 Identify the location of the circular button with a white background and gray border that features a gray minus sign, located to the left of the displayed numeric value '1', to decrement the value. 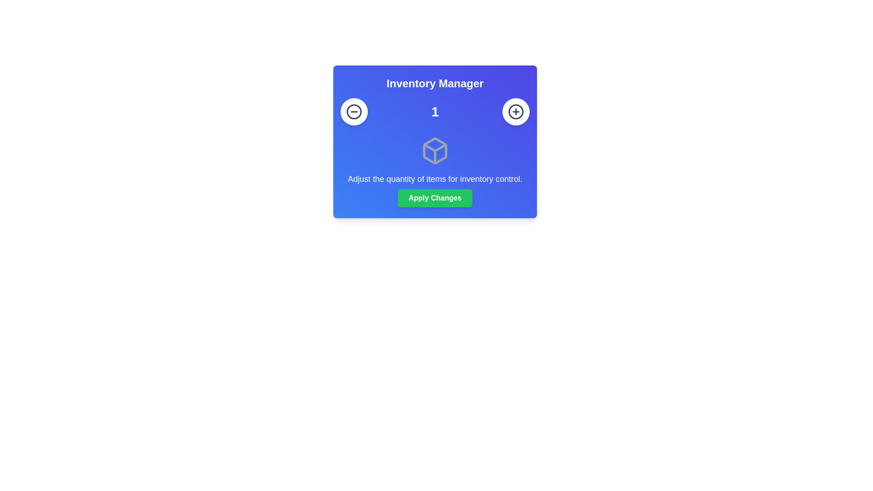
(353, 111).